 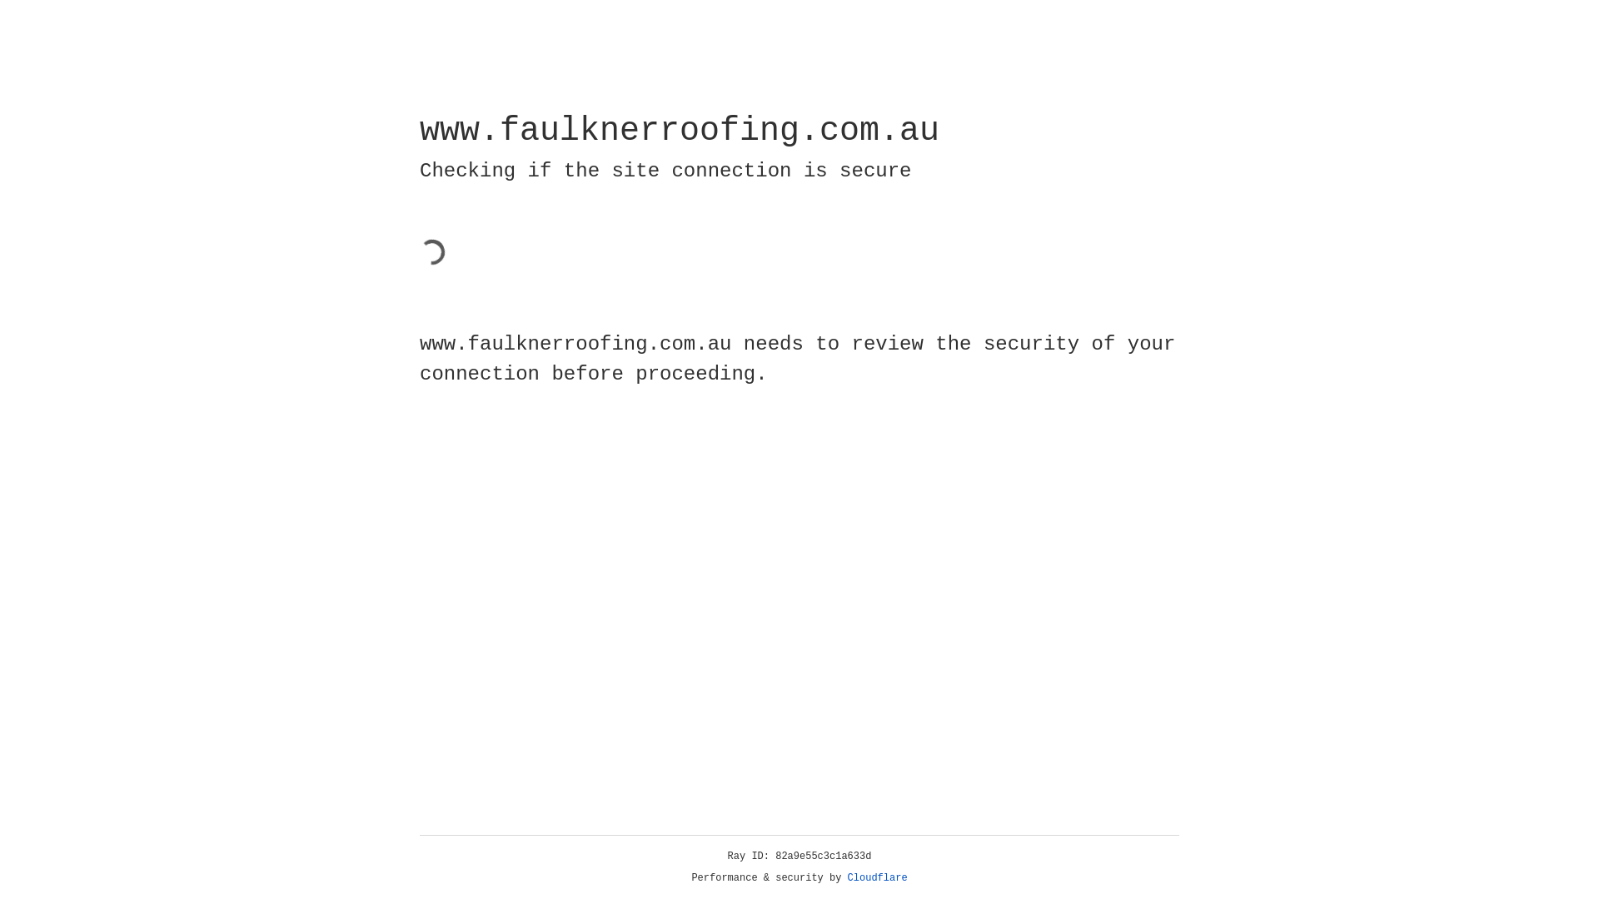 What do you see at coordinates (847, 877) in the screenshot?
I see `'Cloudflare'` at bounding box center [847, 877].